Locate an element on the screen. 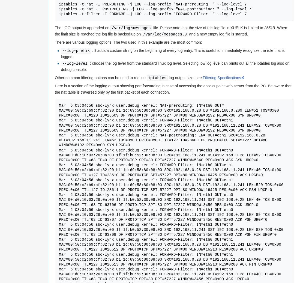 The height and width of the screenshot is (283, 300). 'and a new empty log file is started.' is located at coordinates (188, 34).